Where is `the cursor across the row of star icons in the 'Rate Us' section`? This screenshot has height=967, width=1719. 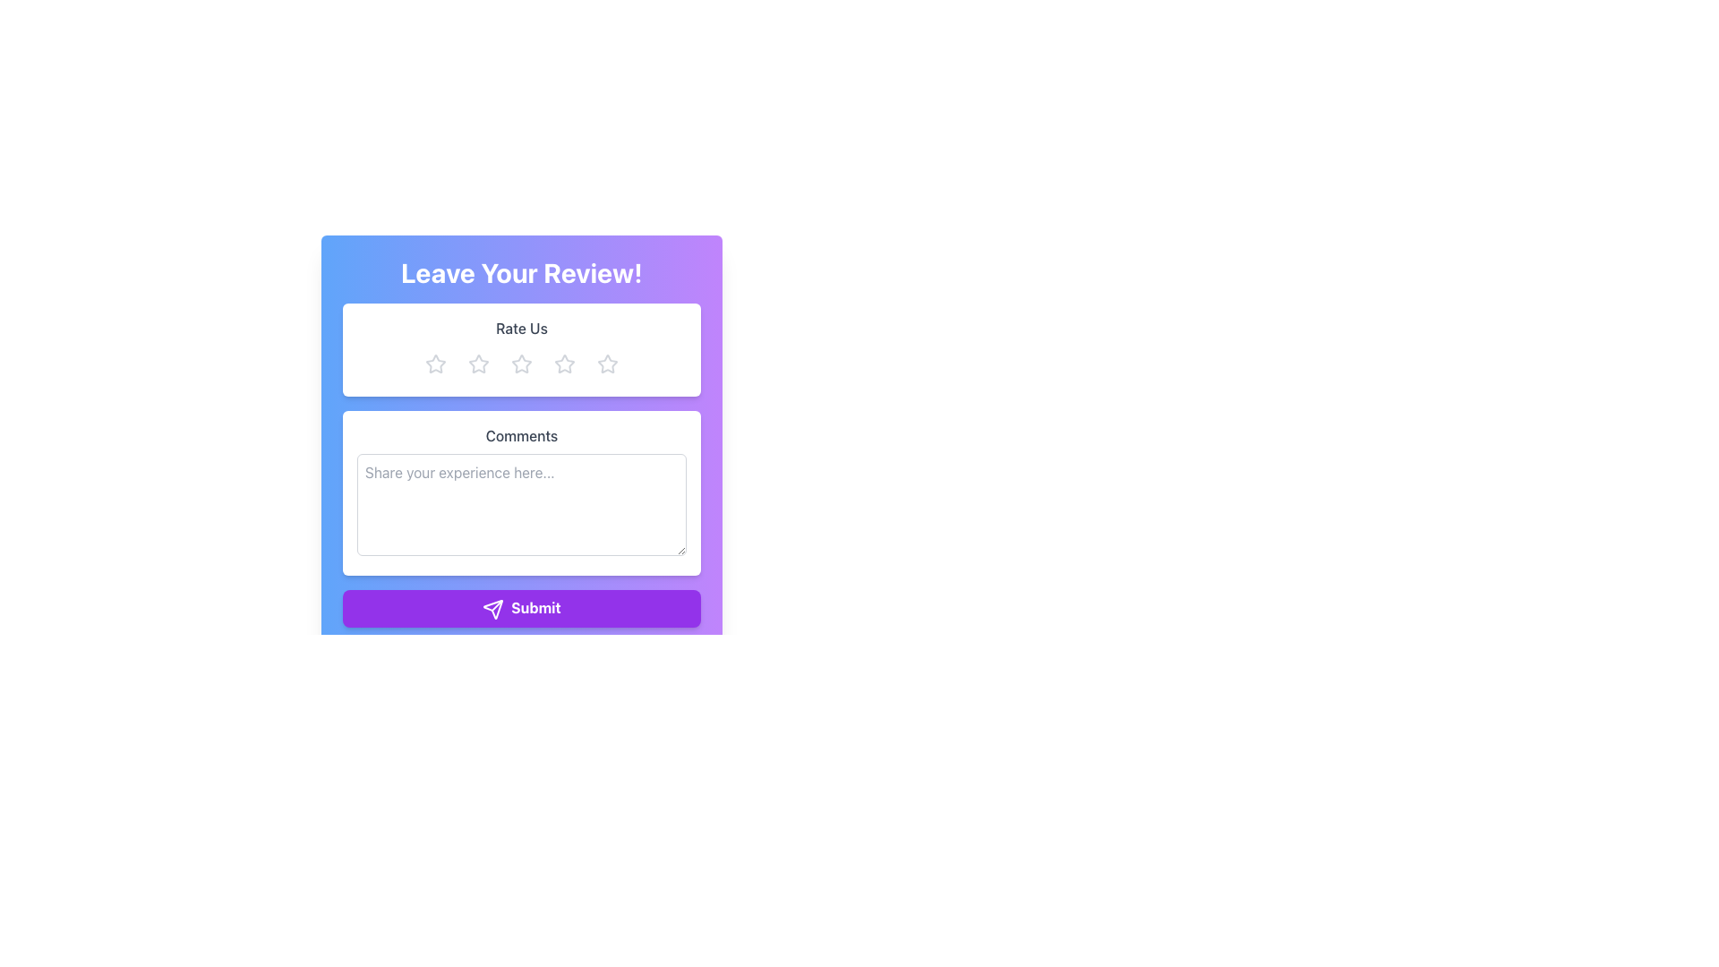
the cursor across the row of star icons in the 'Rate Us' section is located at coordinates (563, 363).